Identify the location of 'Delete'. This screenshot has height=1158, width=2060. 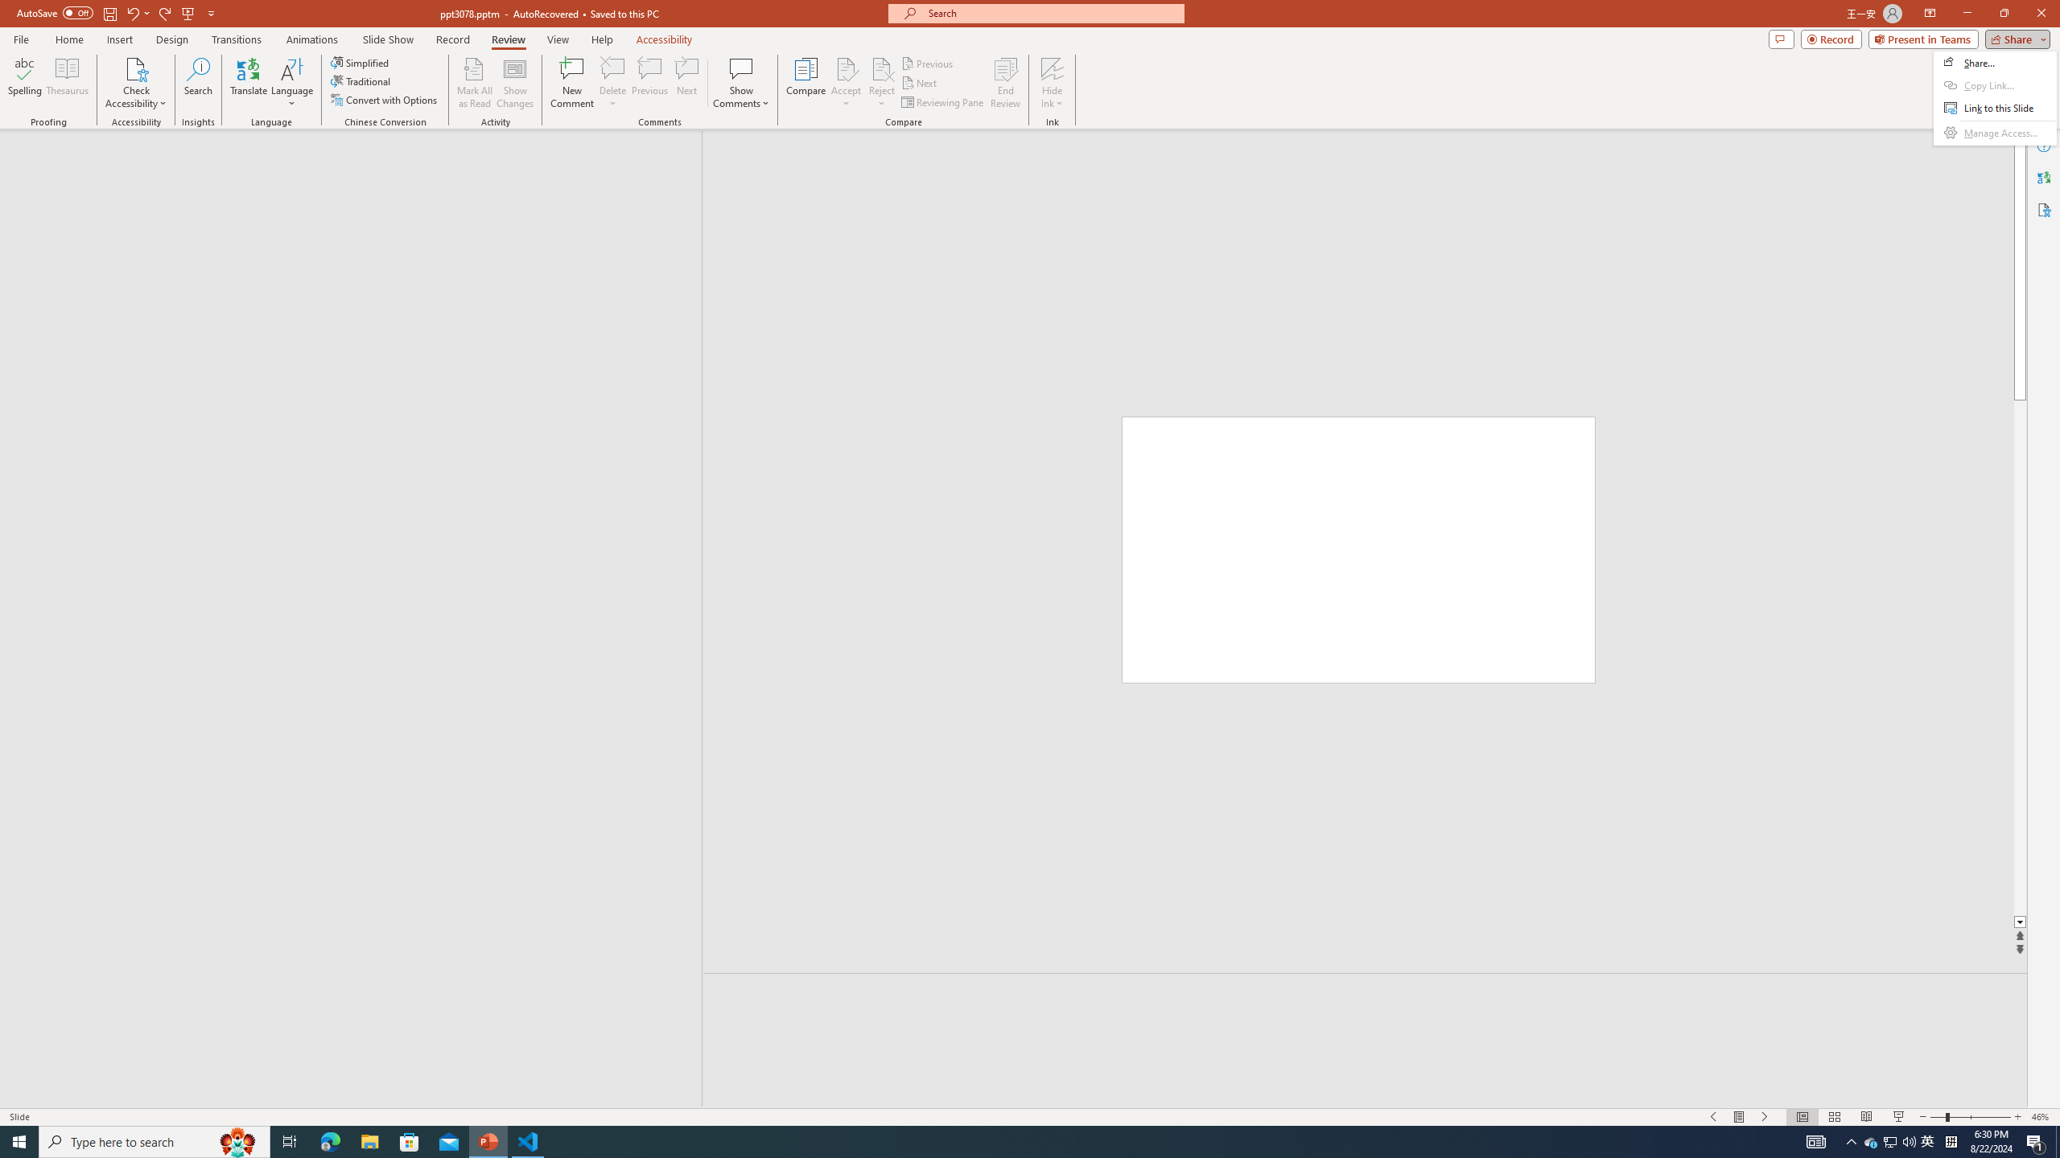
(612, 83).